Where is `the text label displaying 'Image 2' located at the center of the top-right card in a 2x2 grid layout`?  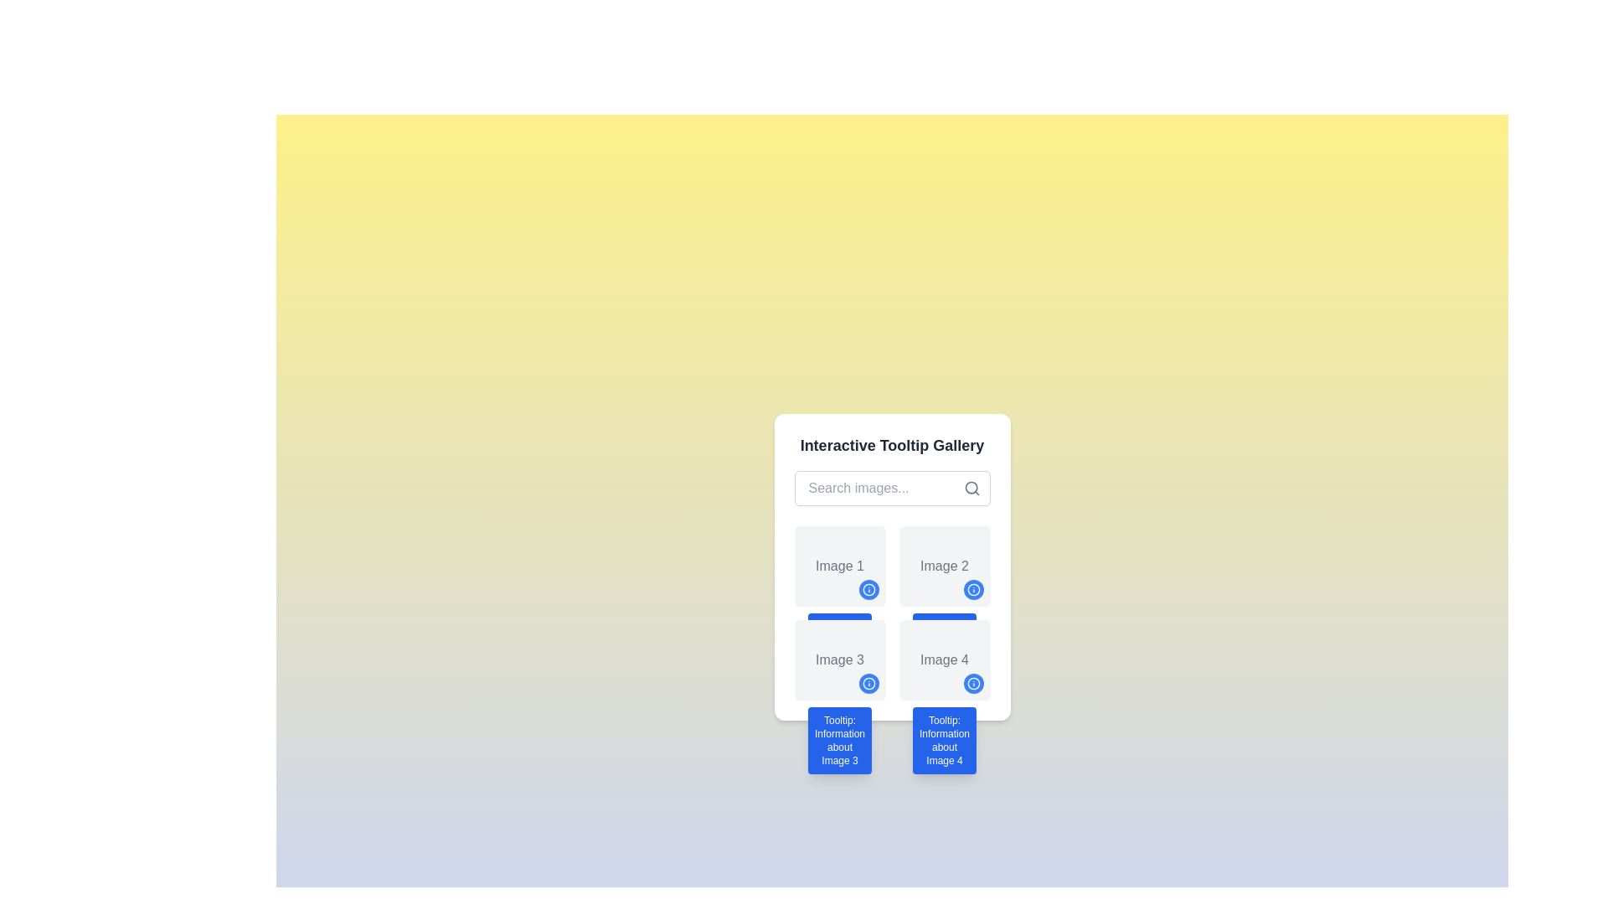 the text label displaying 'Image 2' located at the center of the top-right card in a 2x2 grid layout is located at coordinates (945, 566).